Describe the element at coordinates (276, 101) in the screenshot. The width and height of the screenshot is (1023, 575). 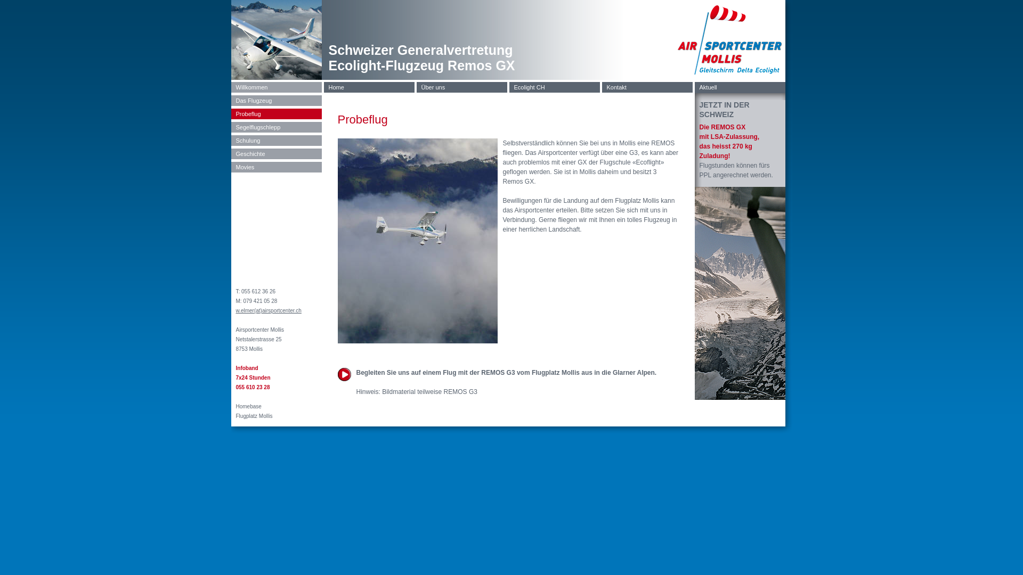
I see `'Das Flugzeug'` at that location.